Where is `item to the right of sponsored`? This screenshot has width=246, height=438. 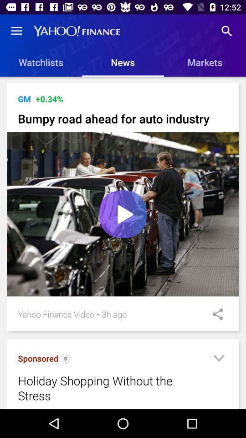 item to the right of sponsored is located at coordinates (65, 360).